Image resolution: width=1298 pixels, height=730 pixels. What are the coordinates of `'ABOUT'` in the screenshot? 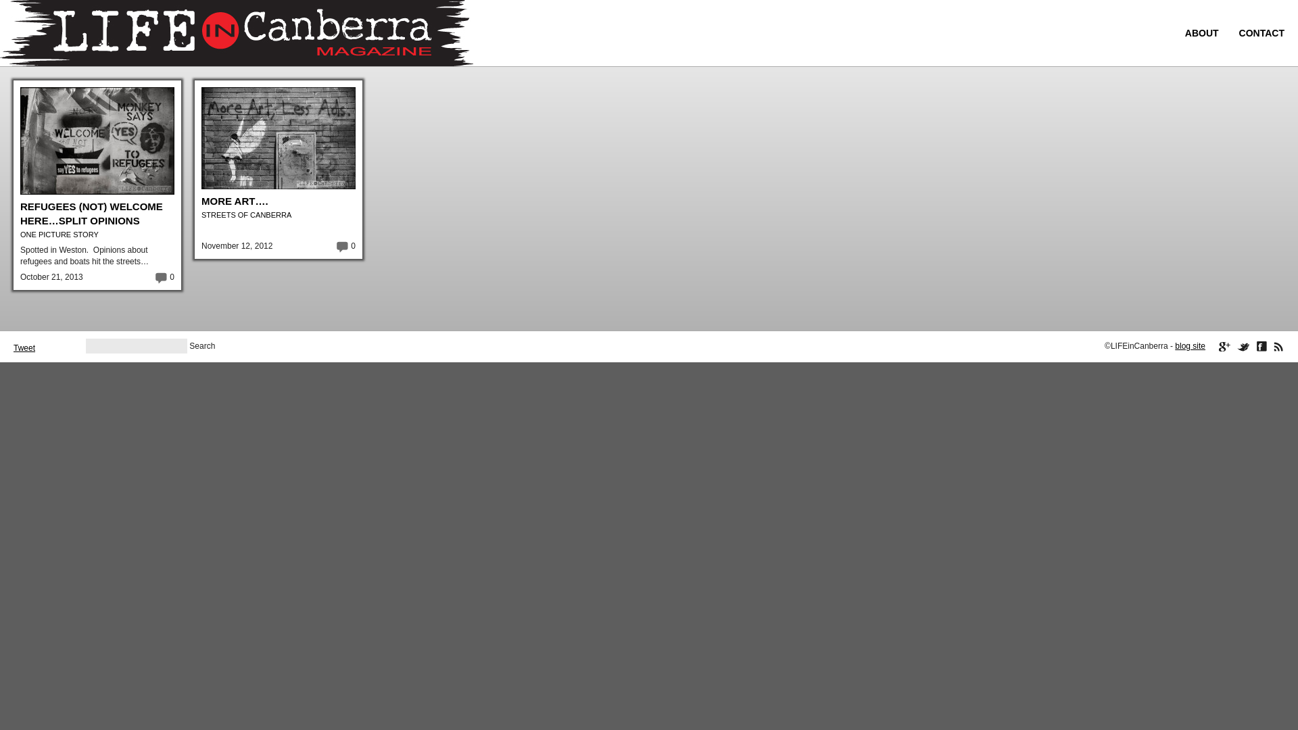 It's located at (1201, 32).